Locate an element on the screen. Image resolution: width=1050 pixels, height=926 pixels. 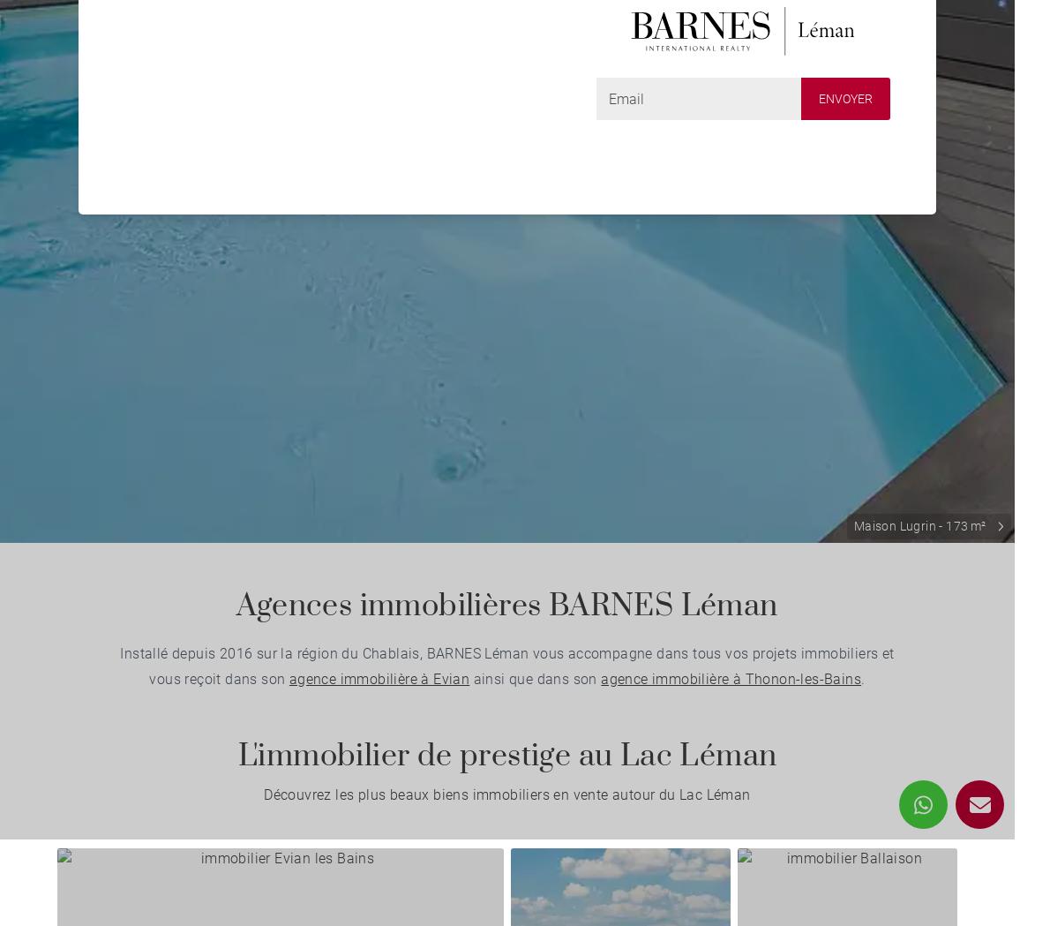
'agence immobilière à Thonon-les-Bains' is located at coordinates (731, 678).